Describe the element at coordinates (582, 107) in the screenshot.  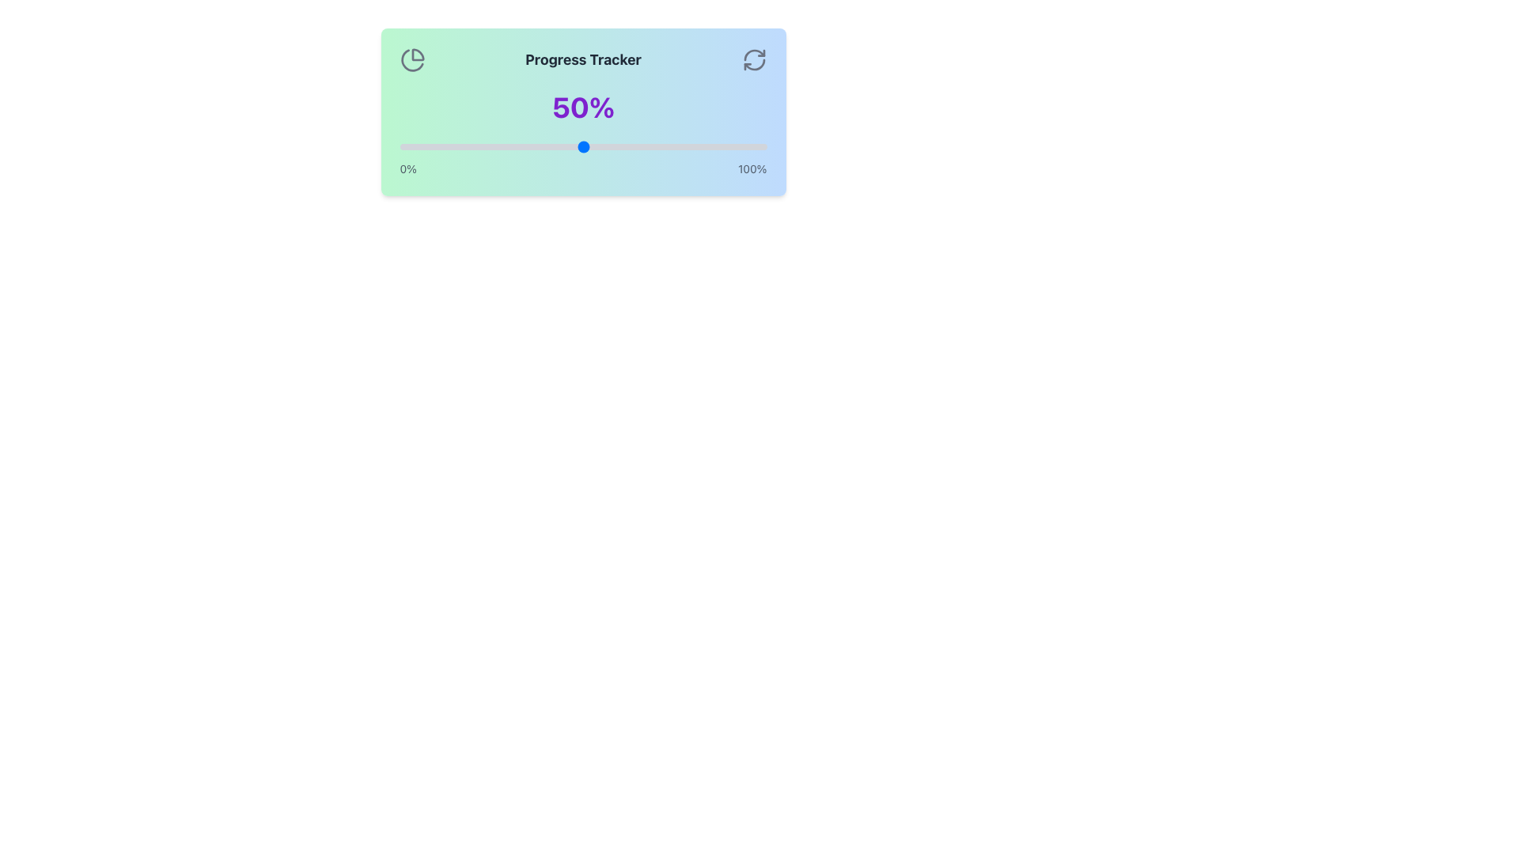
I see `the text label that visually represents a 50% completion rate in the progress tracker, which is centrally aligned above the progress bar` at that location.